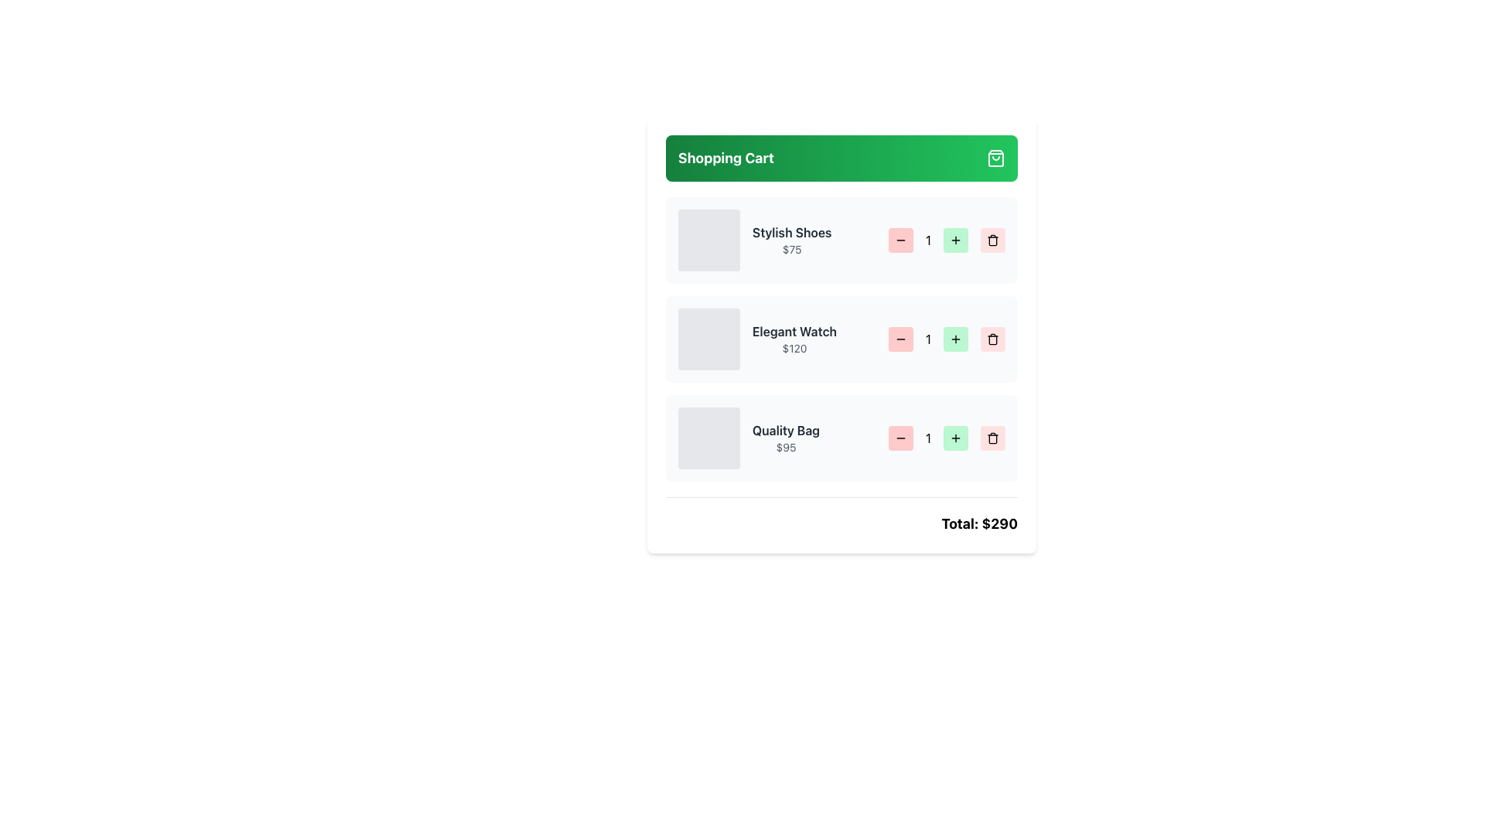  I want to click on the green square button with a white plus sign icon located in the second item of the 'Elegant Watch' card to increment the quantity, so click(955, 339).